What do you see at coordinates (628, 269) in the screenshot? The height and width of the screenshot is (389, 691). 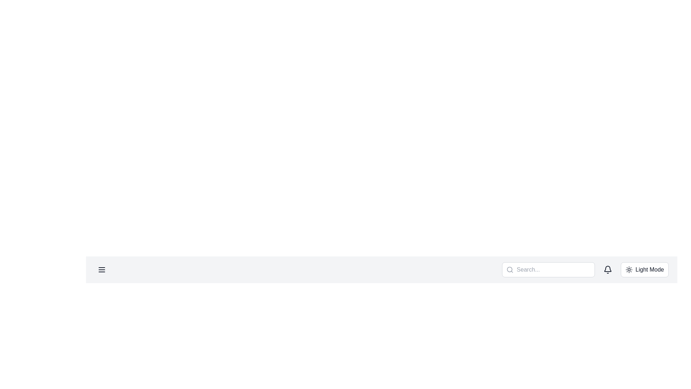 I see `the sun icon representing the theme toggle action for switching to Dark Mode, which is located to the left of the 'Light Mode' text label at the top-right corner of the interface` at bounding box center [628, 269].